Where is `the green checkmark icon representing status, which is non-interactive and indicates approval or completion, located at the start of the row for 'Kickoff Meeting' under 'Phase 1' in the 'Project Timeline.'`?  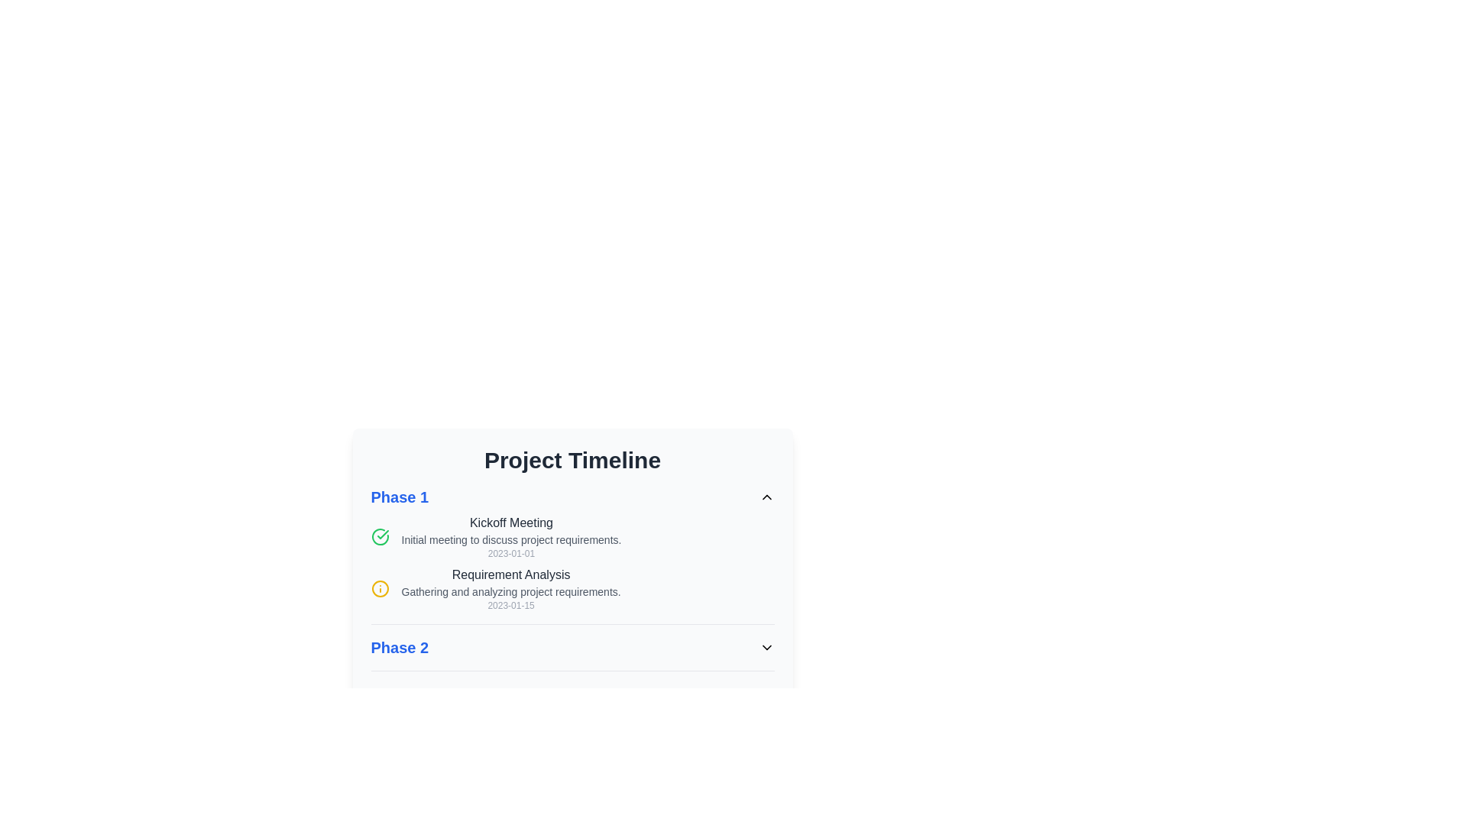 the green checkmark icon representing status, which is non-interactive and indicates approval or completion, located at the start of the row for 'Kickoff Meeting' under 'Phase 1' in the 'Project Timeline.' is located at coordinates (380, 535).